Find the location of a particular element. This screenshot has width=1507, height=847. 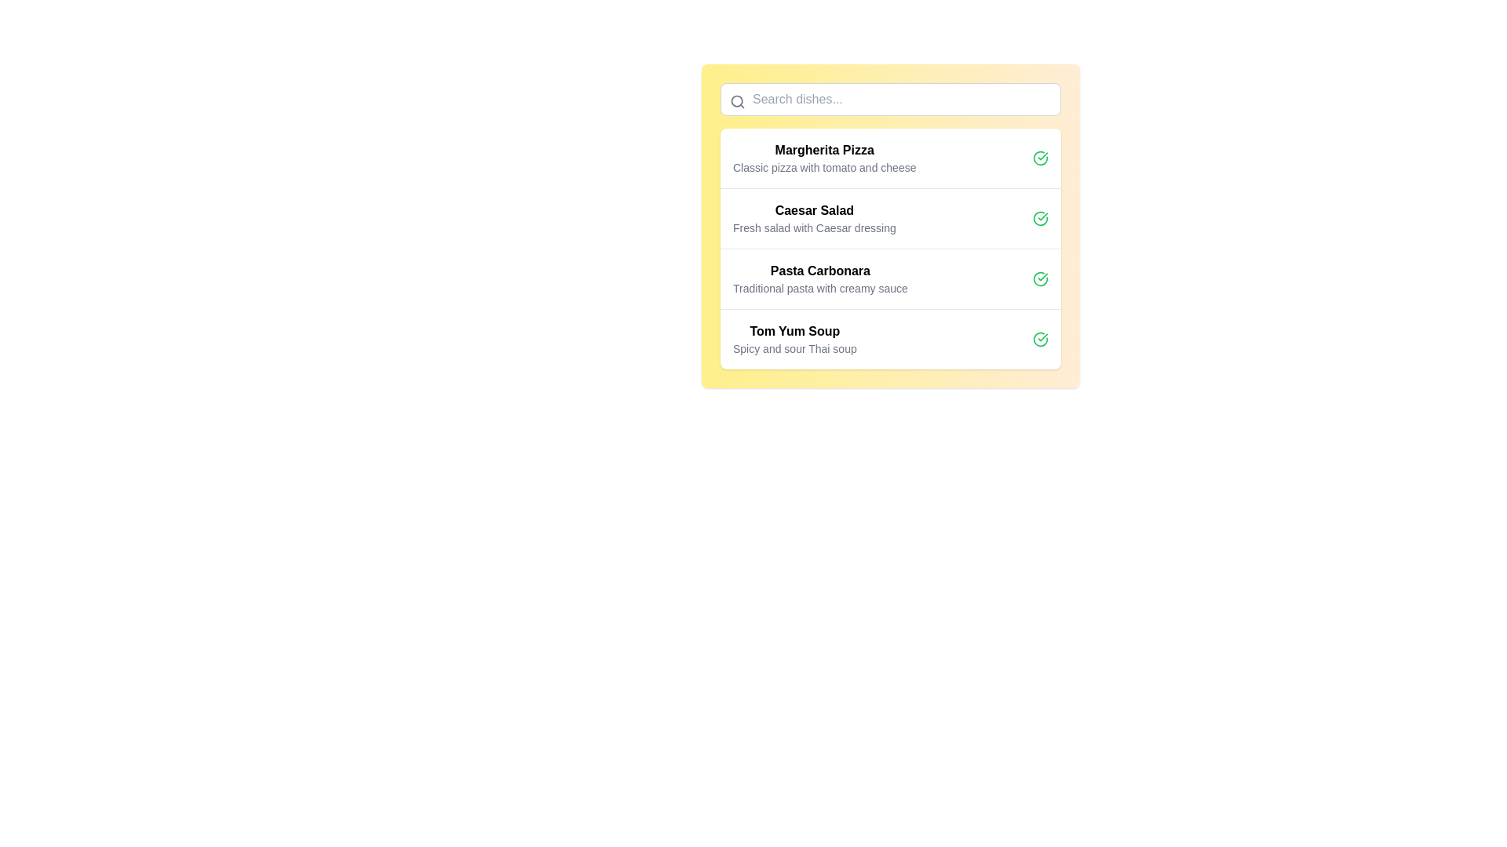

the static text element describing 'Classic pizza with tomato and cheese', which is located directly below the title 'Margherita Pizza' is located at coordinates (823, 167).